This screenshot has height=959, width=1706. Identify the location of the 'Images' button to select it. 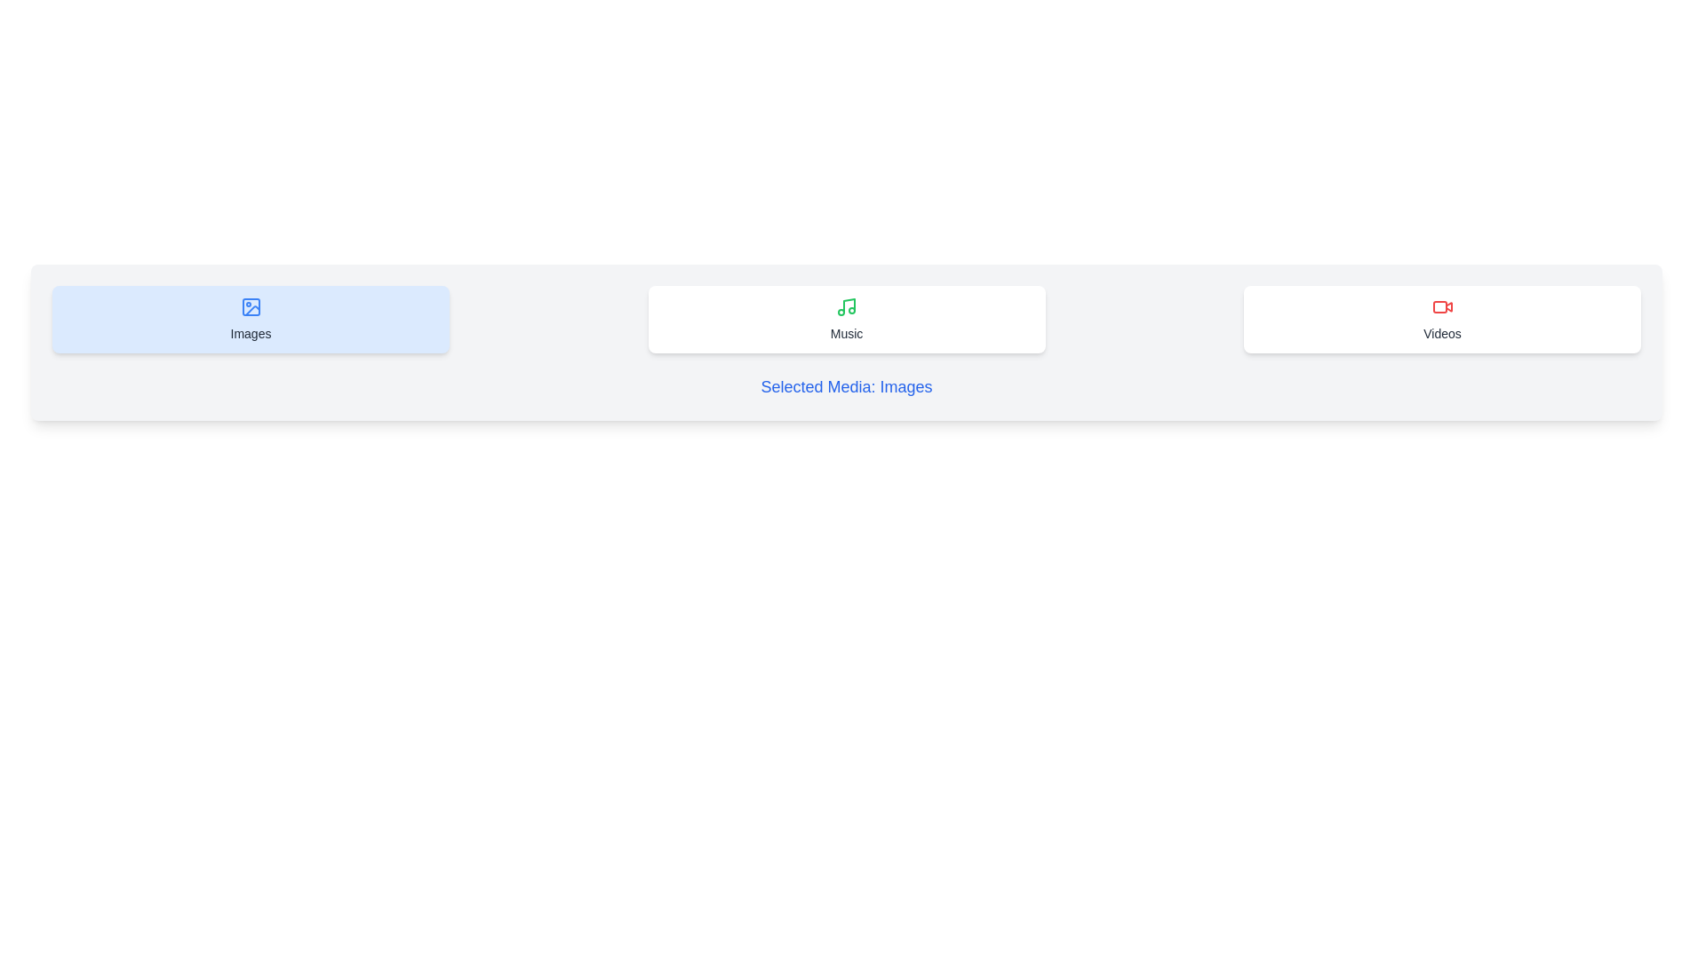
(250, 318).